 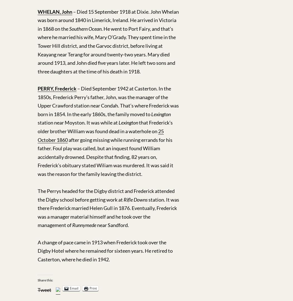 What do you see at coordinates (100, 135) in the screenshot?
I see `'25 October 1860'` at bounding box center [100, 135].